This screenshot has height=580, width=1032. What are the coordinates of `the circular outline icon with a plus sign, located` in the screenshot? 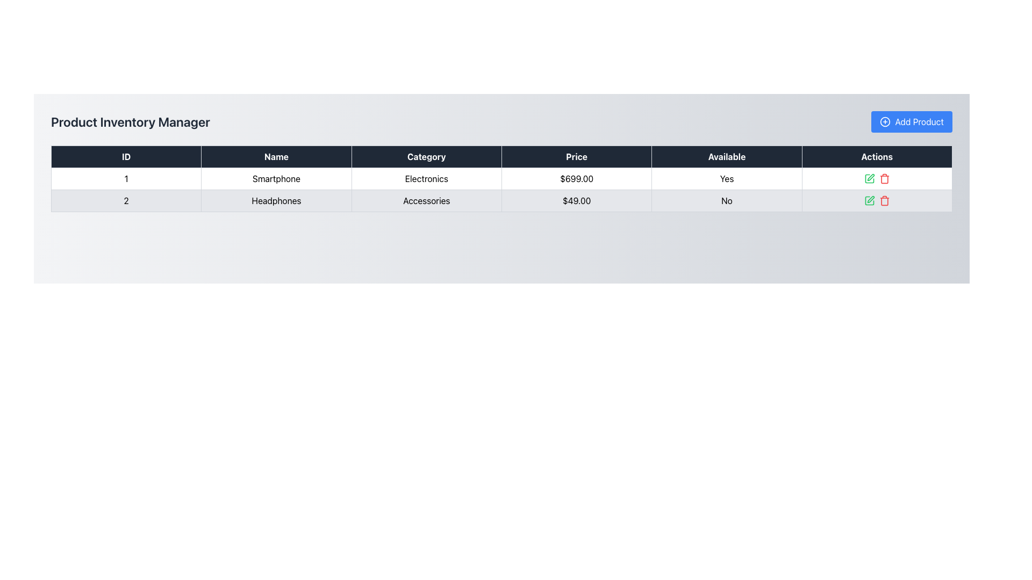 It's located at (885, 121).